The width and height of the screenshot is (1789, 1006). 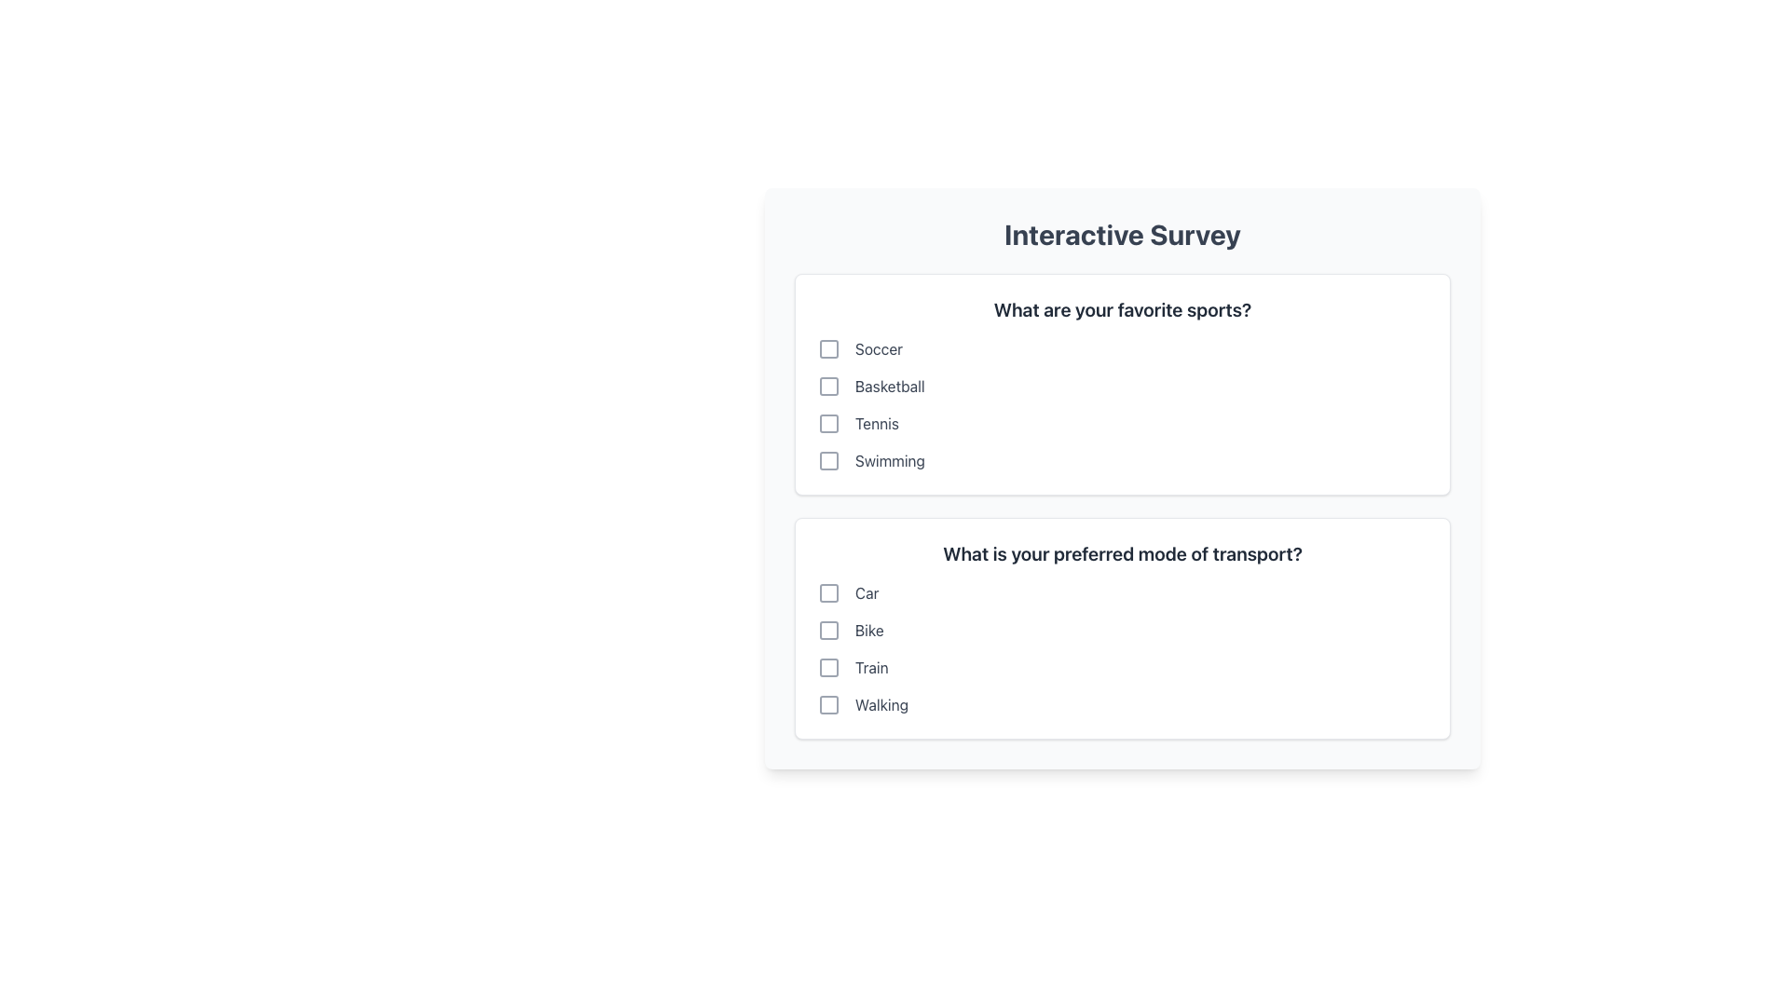 I want to click on the bold, prominently displayed header text 'Interactive Survey' located at the top center of the interface, so click(x=1121, y=233).